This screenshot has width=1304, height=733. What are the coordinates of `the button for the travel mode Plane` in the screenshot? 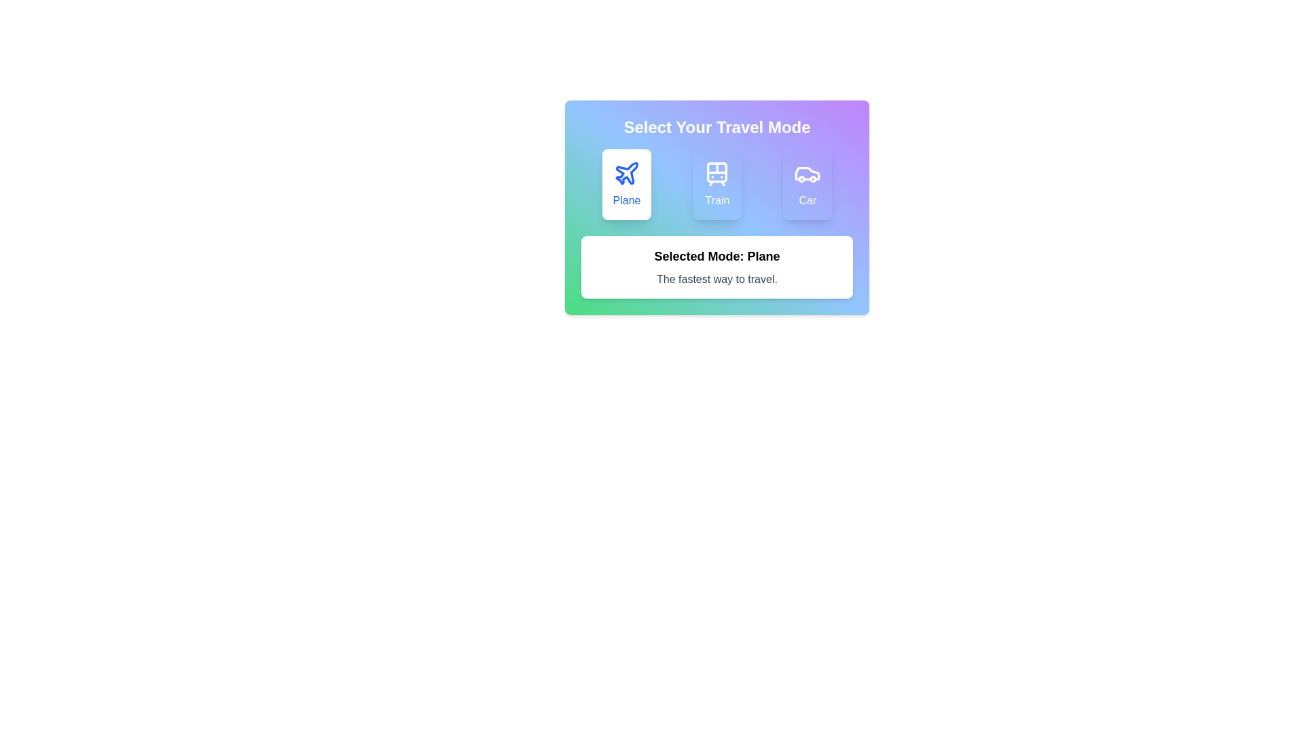 It's located at (626, 185).